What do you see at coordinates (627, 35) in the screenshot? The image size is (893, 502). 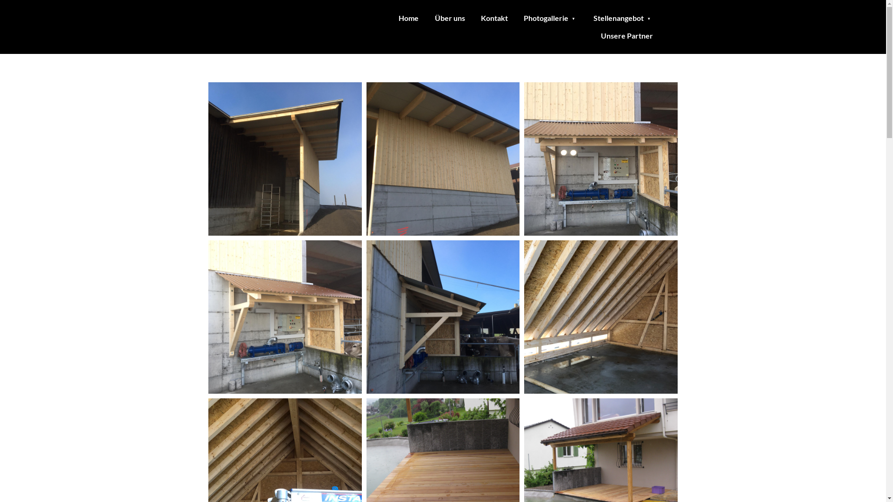 I see `'Unsere Partner'` at bounding box center [627, 35].